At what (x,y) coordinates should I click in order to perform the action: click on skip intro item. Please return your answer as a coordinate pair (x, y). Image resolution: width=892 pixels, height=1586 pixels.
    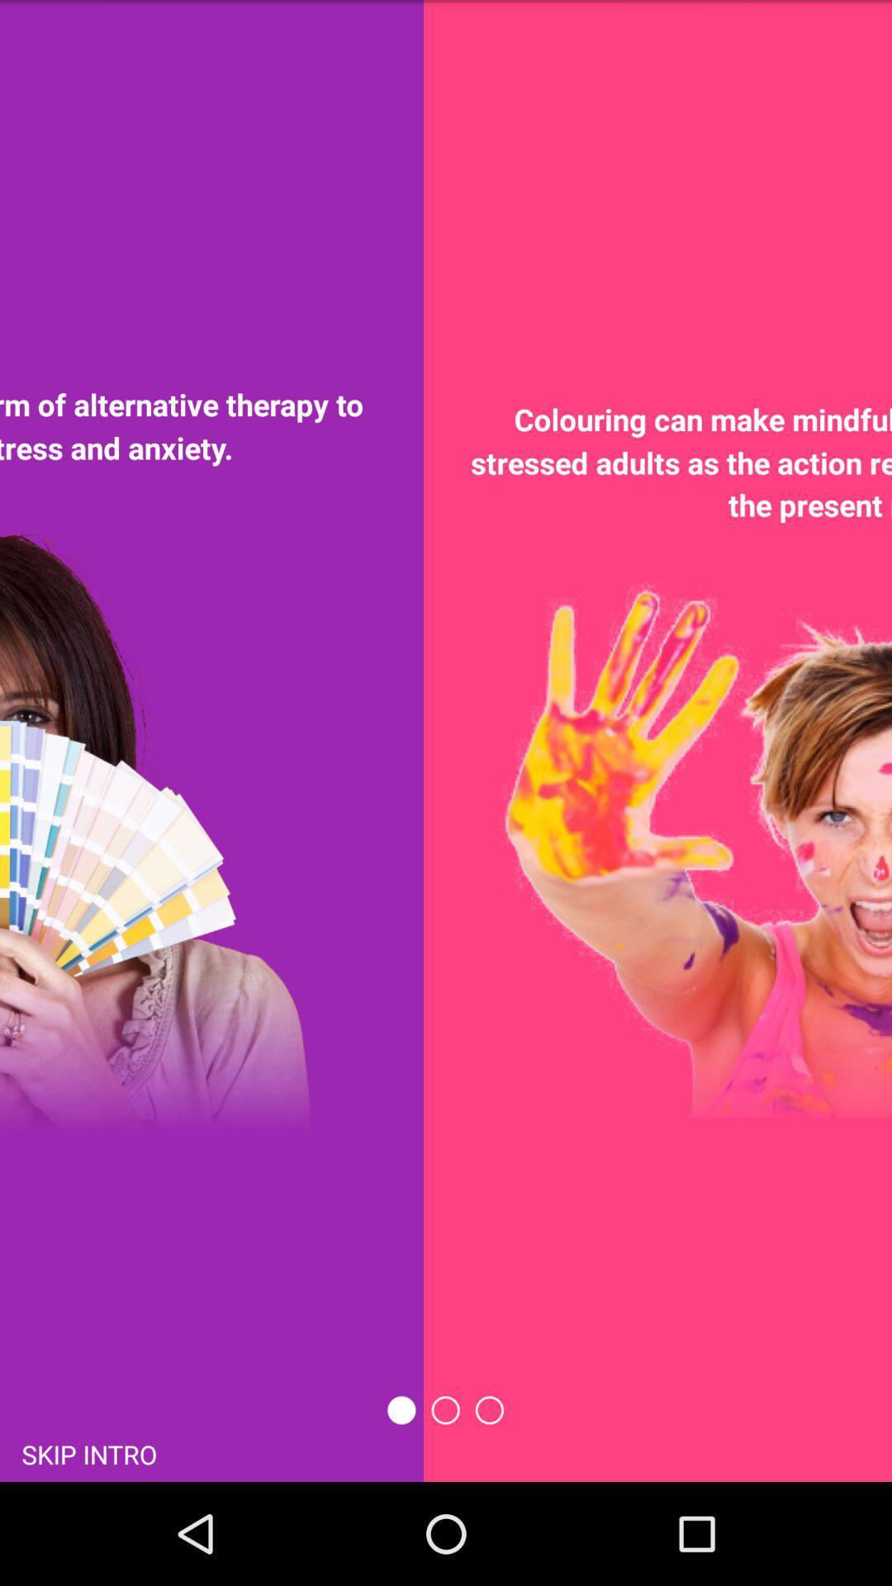
    Looking at the image, I should click on (89, 1452).